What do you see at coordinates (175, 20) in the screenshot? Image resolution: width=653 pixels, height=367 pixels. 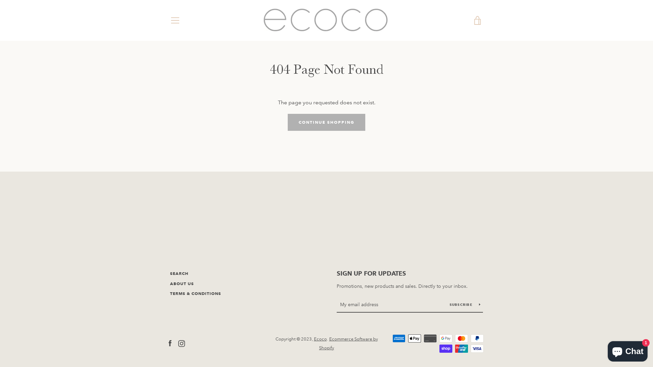 I see `'MENU'` at bounding box center [175, 20].